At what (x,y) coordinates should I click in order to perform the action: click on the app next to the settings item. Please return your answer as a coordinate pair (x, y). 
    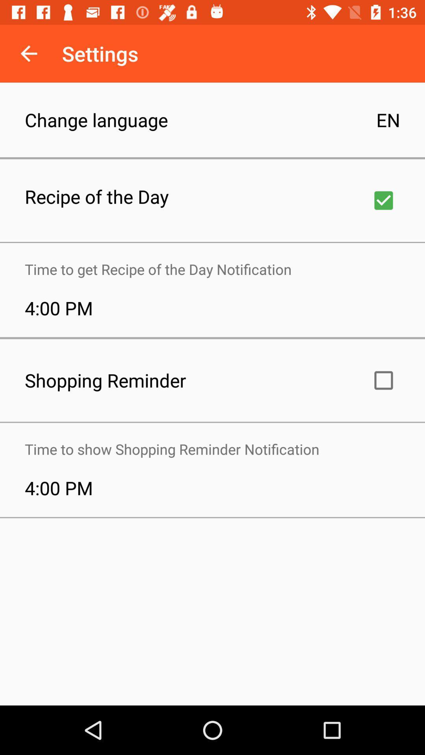
    Looking at the image, I should click on (28, 53).